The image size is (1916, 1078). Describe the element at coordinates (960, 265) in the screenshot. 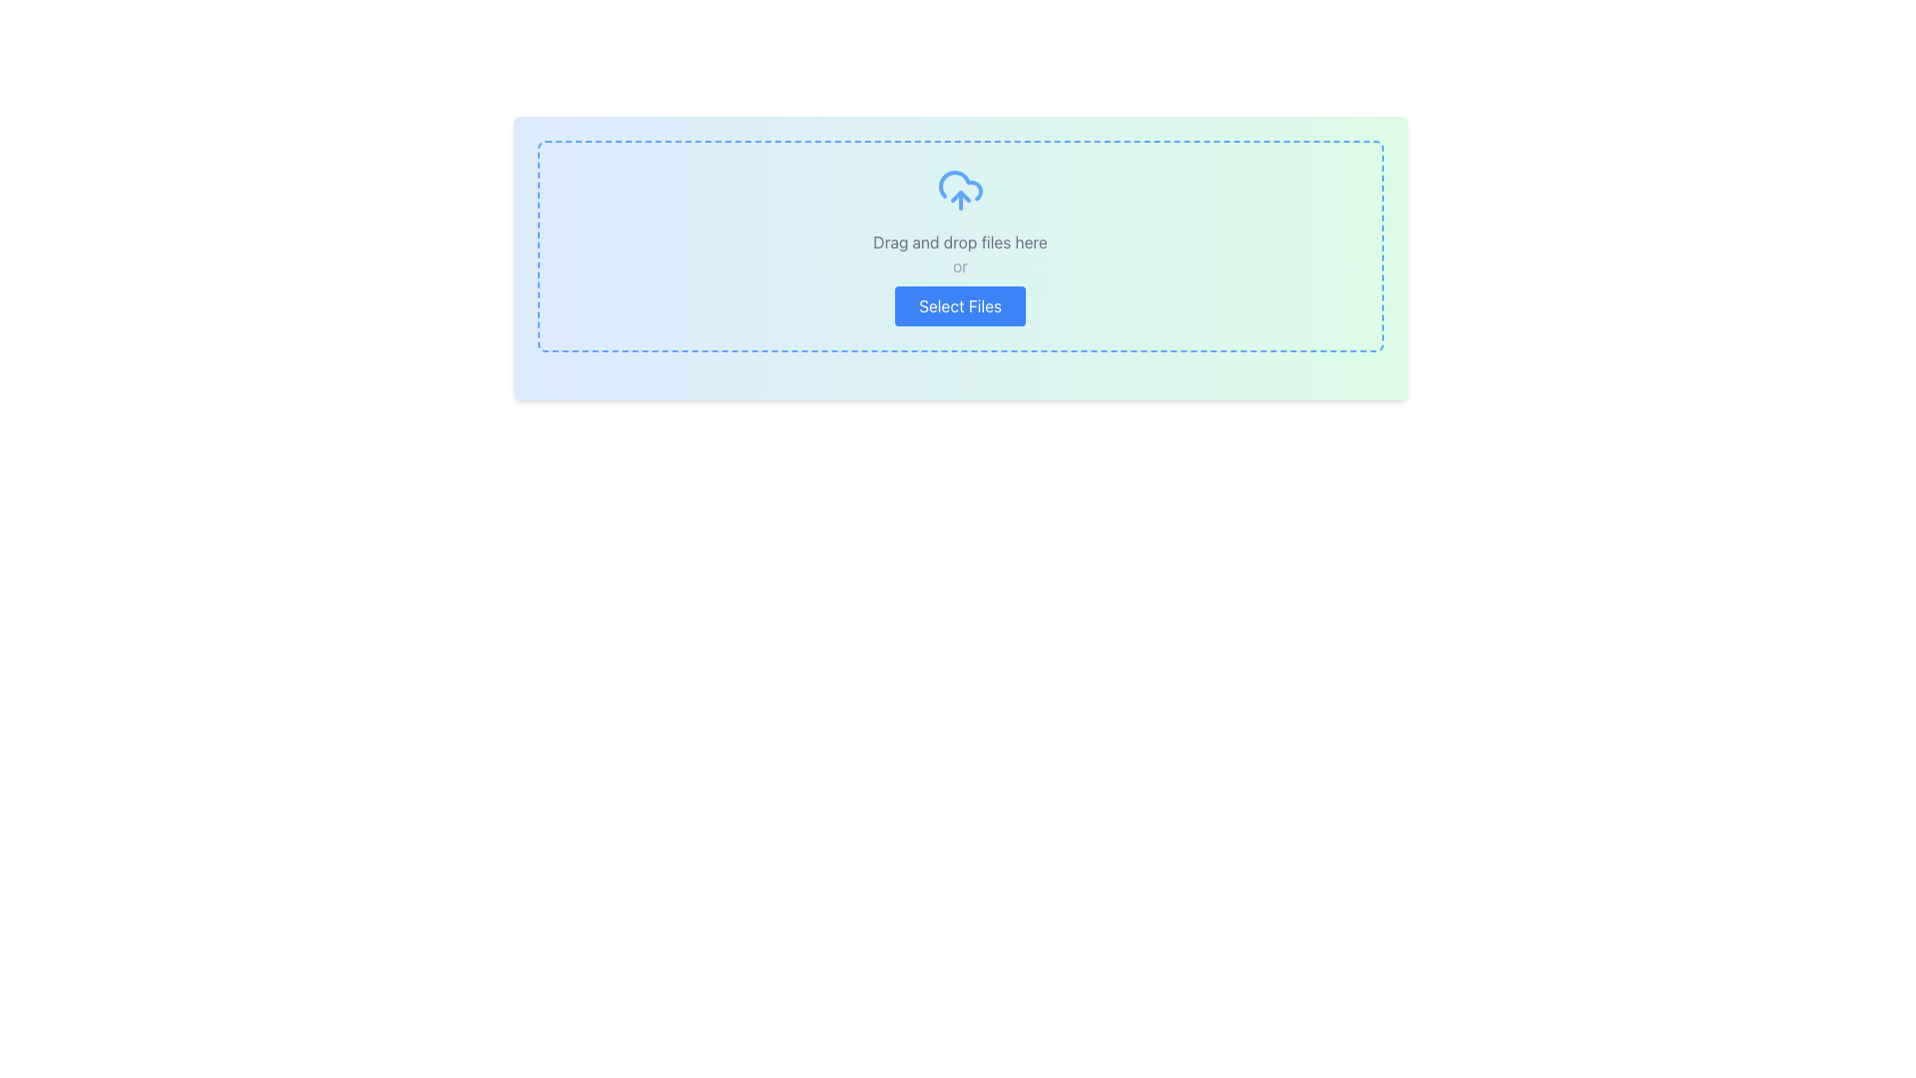

I see `the styled text label reading 'or' in gray color, situated between the 'Drag and drop files here' text and the 'Select Files' button` at that location.